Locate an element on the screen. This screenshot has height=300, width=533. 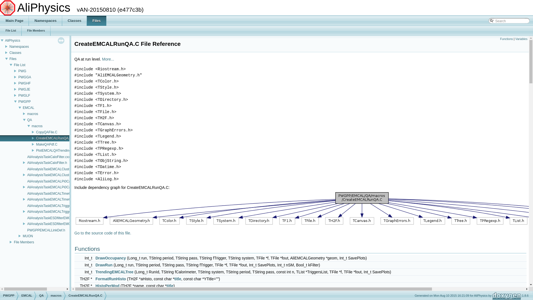
'HistoPerMod' is located at coordinates (107, 286).